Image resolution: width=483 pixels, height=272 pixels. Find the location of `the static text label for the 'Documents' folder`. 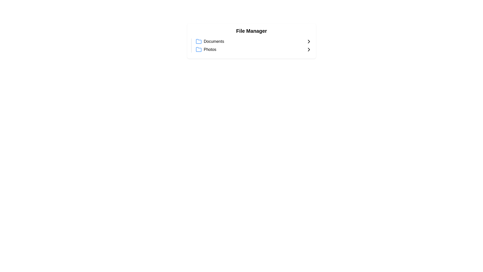

the static text label for the 'Documents' folder is located at coordinates (214, 41).